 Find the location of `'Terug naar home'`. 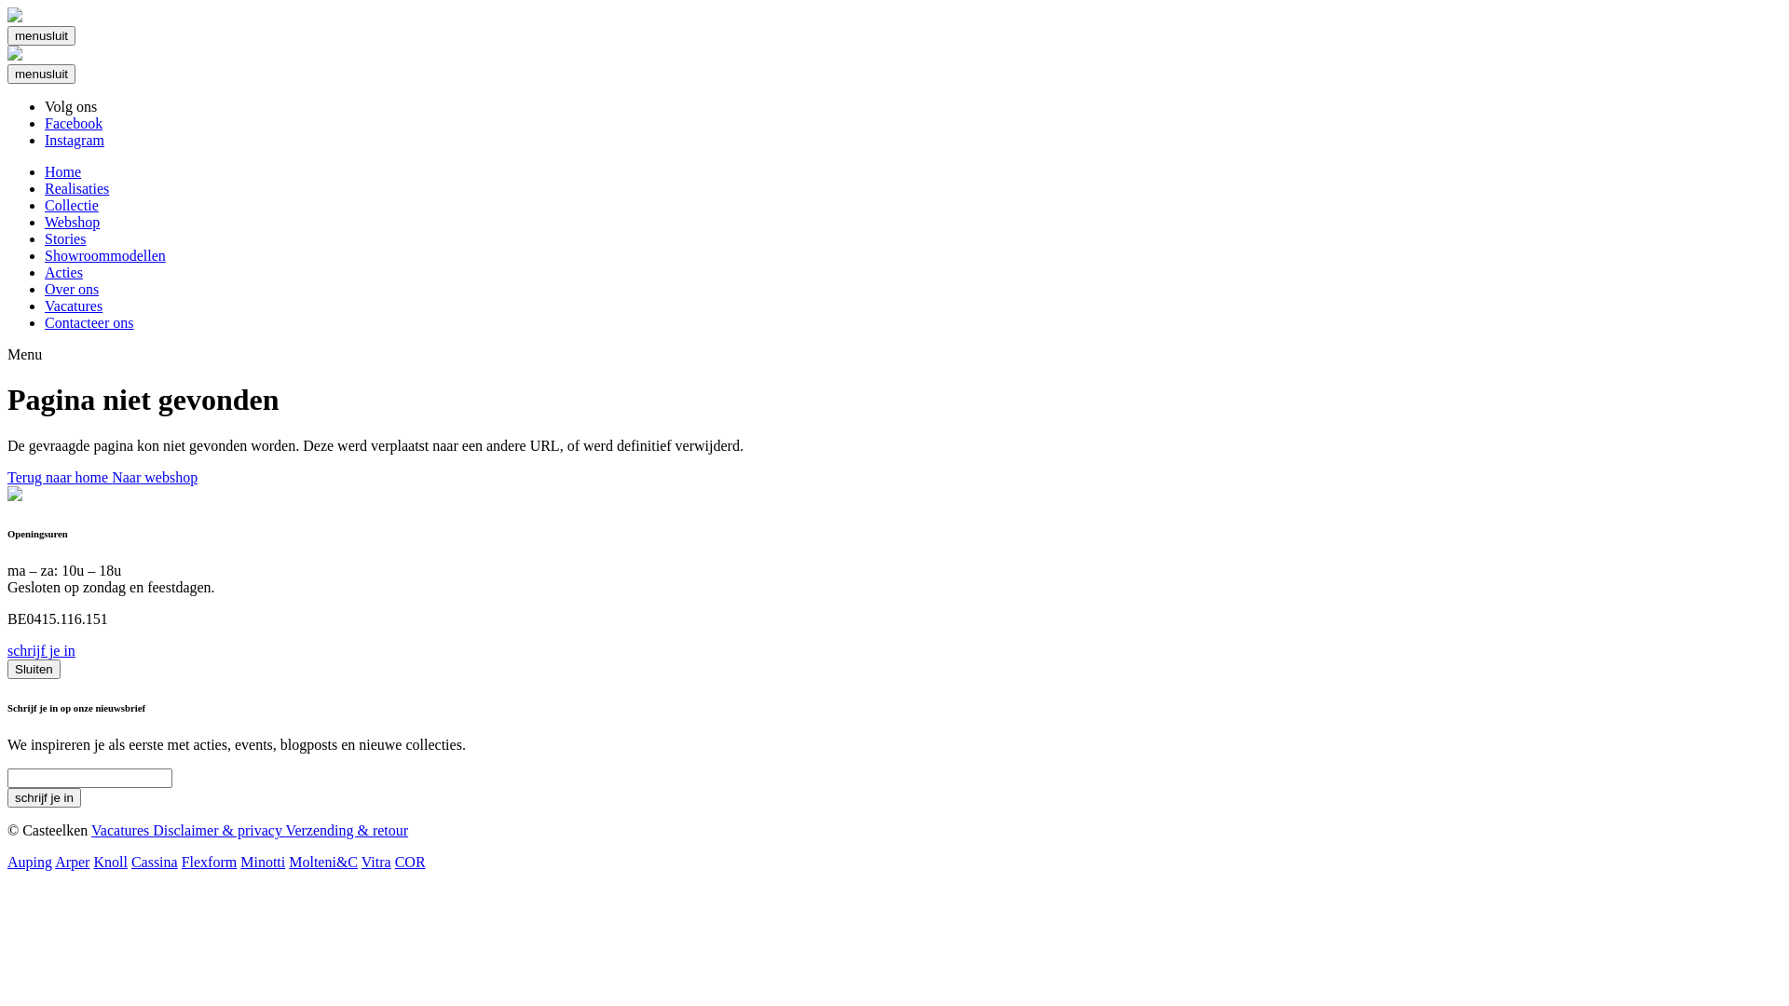

'Terug naar home' is located at coordinates (59, 476).